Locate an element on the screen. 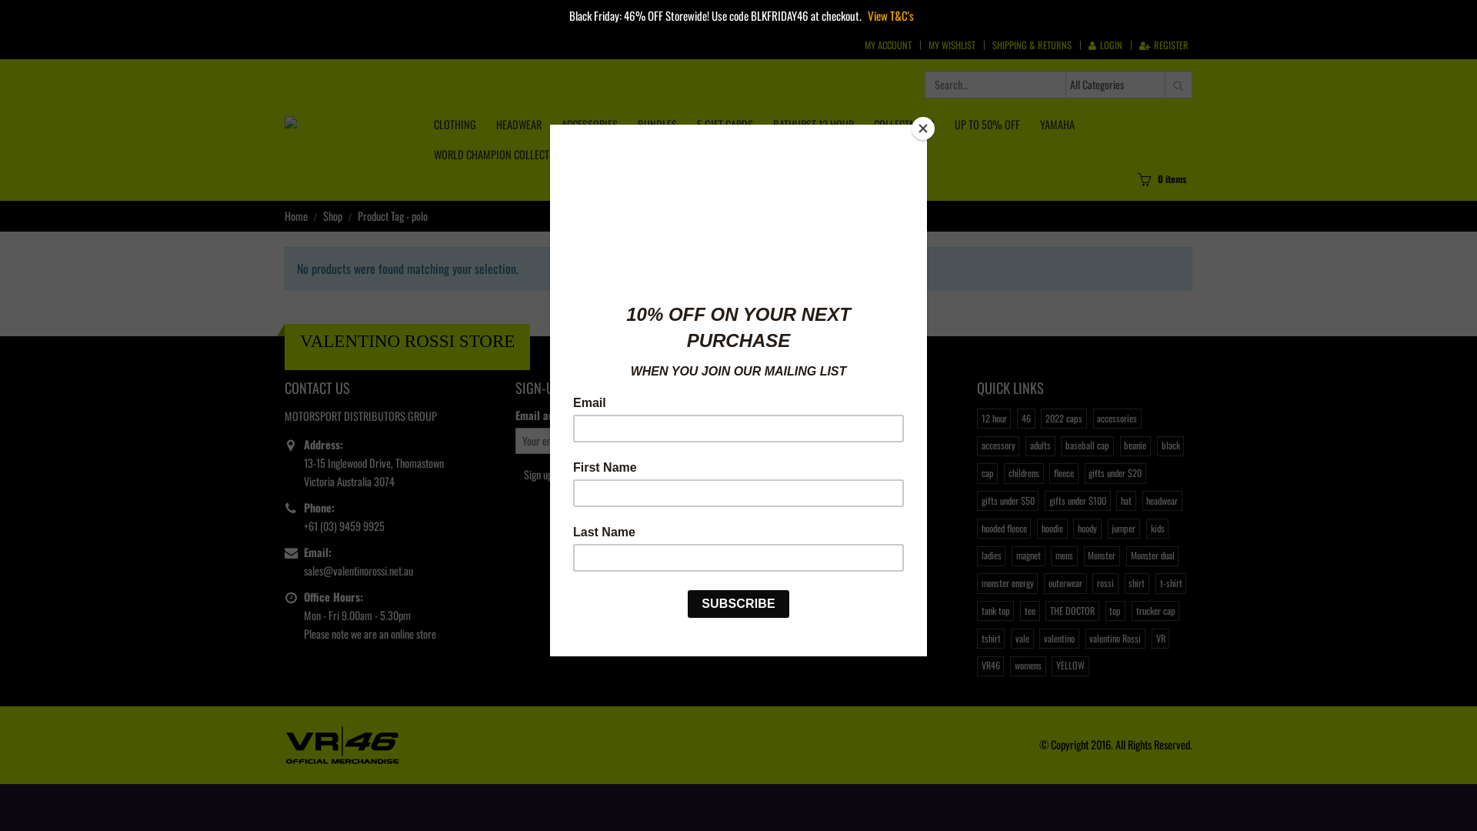  'womens' is located at coordinates (1027, 666).